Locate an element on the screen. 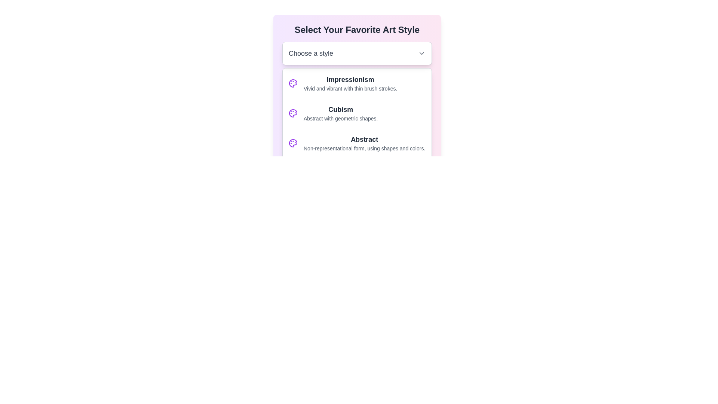 The image size is (718, 404). the small gray downward-facing chevron icon located on the right side of the 'Choose a style' label is located at coordinates (422, 53).